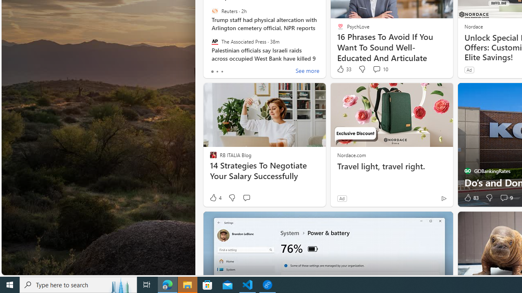 Image resolution: width=522 pixels, height=293 pixels. What do you see at coordinates (503, 198) in the screenshot?
I see `'View comments 9 Comment'` at bounding box center [503, 198].